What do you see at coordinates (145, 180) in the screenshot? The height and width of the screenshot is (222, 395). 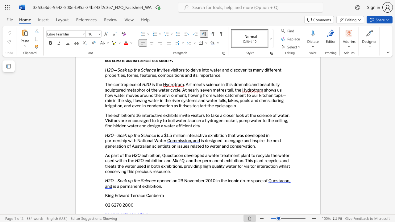 I see `the space between the continuous character "c" and "i" in the text` at bounding box center [145, 180].